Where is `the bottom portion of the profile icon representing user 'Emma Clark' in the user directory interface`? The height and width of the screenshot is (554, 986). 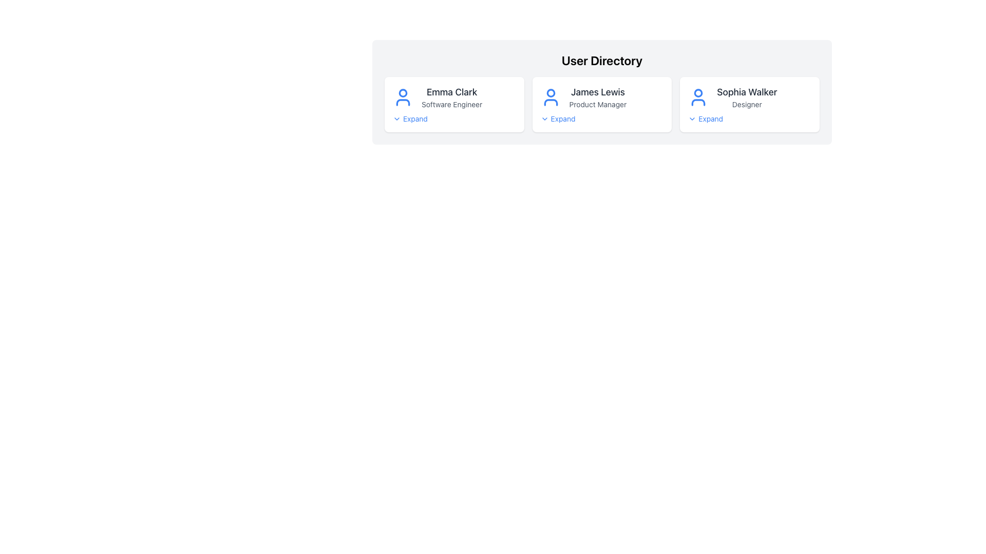
the bottom portion of the profile icon representing user 'Emma Clark' in the user directory interface is located at coordinates (403, 103).